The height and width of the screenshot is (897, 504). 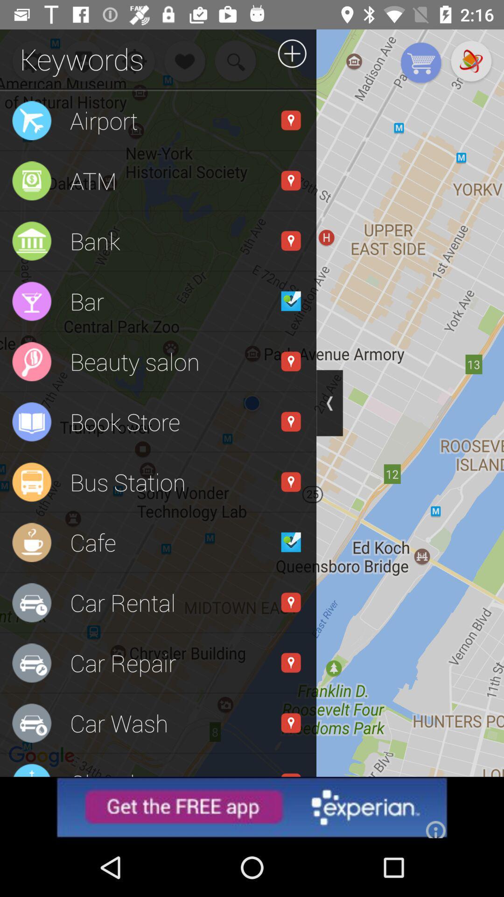 I want to click on the search icon, so click(x=233, y=62).